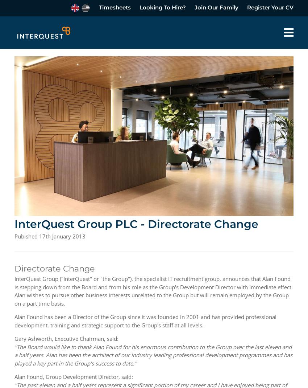 The image size is (308, 388). I want to click on 'Directorate Change', so click(54, 267).